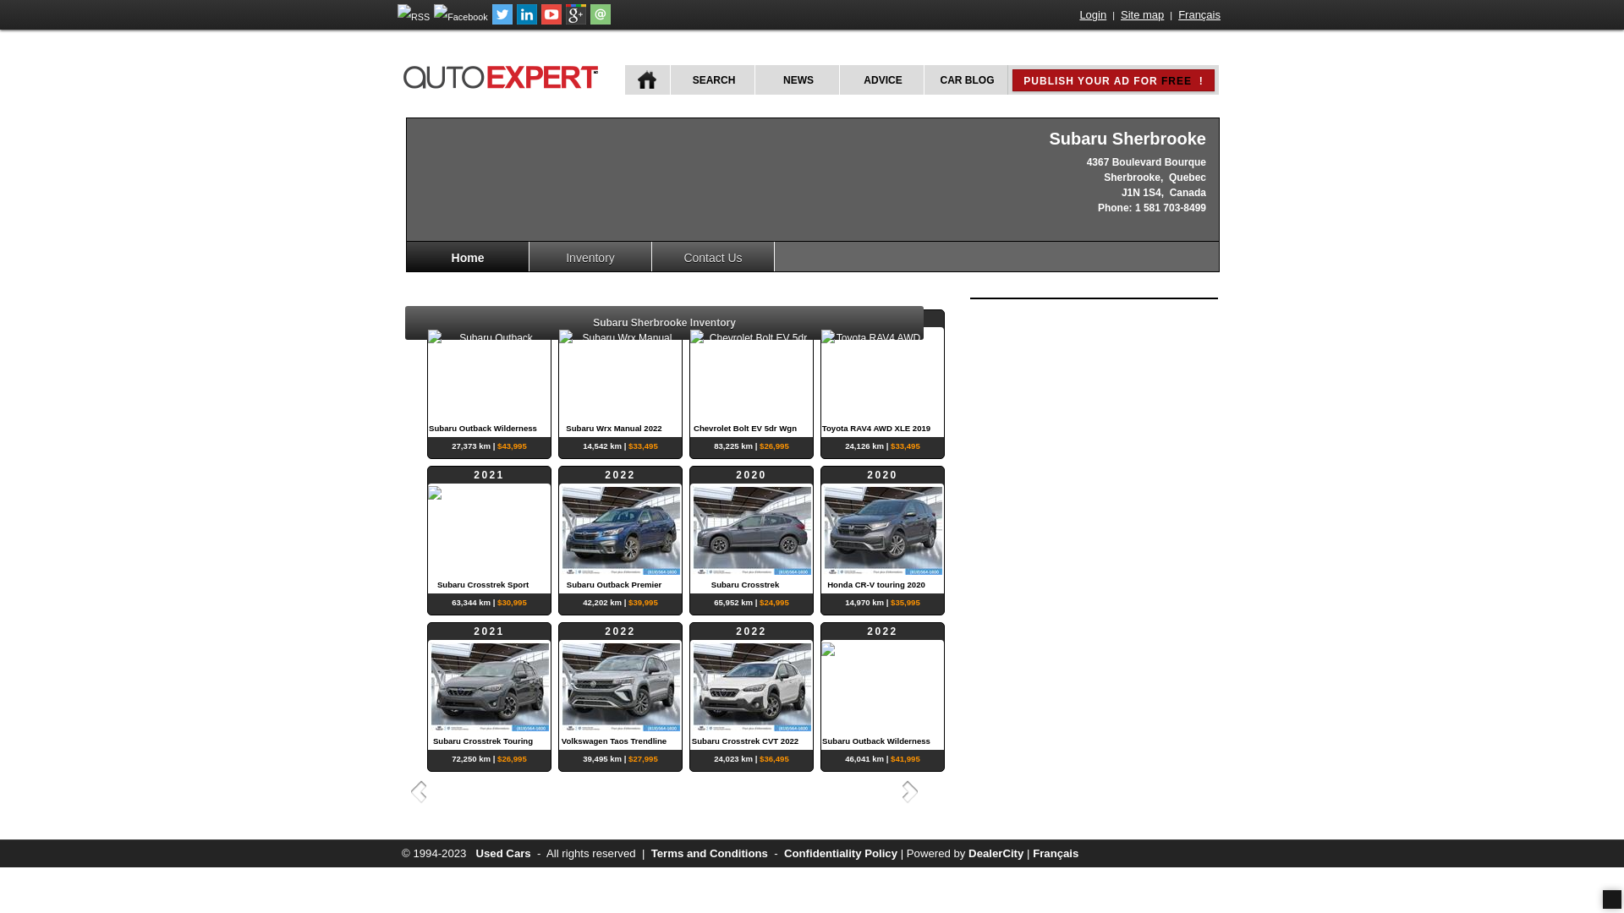 This screenshot has height=913, width=1624. Describe the element at coordinates (488, 686) in the screenshot. I see `'2021` at that location.